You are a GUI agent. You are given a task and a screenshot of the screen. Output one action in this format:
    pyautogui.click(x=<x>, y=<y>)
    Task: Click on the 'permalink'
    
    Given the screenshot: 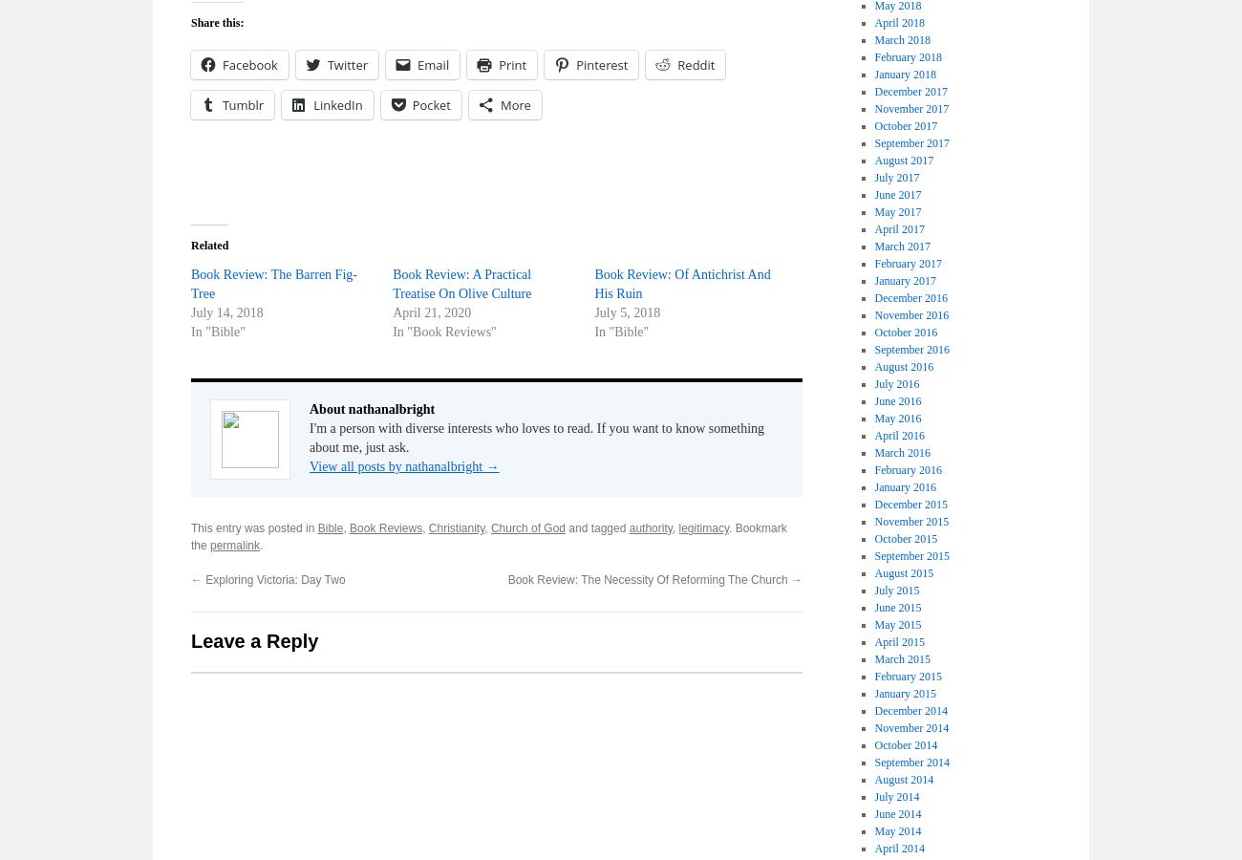 What is the action you would take?
    pyautogui.click(x=233, y=545)
    